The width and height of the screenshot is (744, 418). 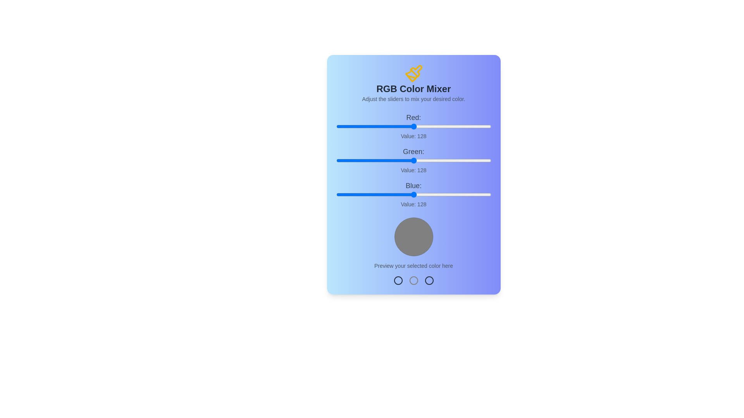 I want to click on the green slider to set the green value to 254, so click(x=490, y=160).